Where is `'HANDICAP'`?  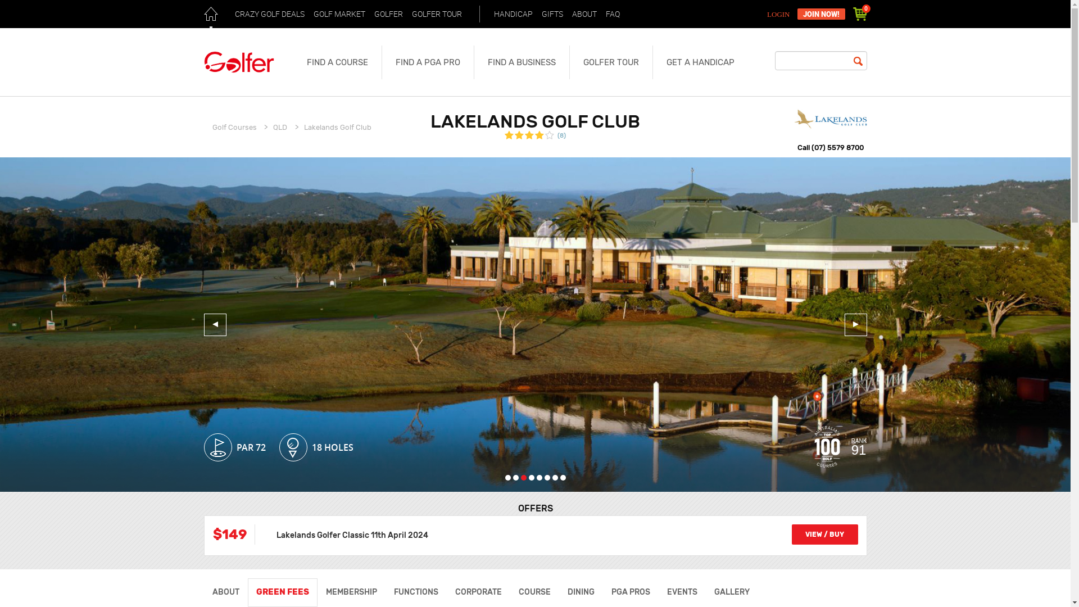
'HANDICAP' is located at coordinates (491, 13).